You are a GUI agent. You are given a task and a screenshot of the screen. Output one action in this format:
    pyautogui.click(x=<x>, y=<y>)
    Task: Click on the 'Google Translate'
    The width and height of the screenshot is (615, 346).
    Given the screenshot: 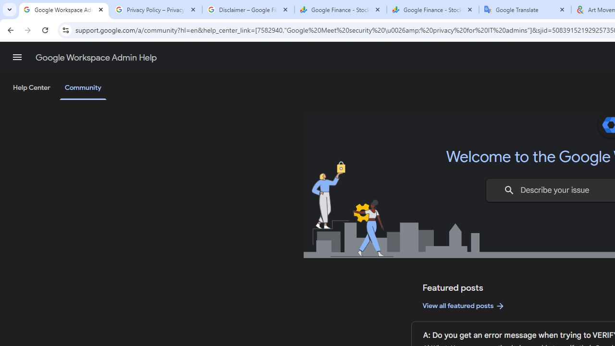 What is the action you would take?
    pyautogui.click(x=525, y=10)
    